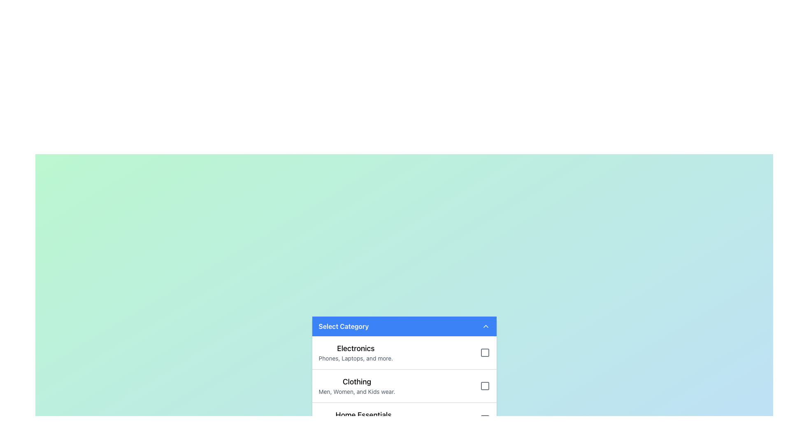  Describe the element at coordinates (485, 352) in the screenshot. I see `the small square icon with rounded corners located to the far right of the 'Electronics' section in the 'Select Category' list` at that location.